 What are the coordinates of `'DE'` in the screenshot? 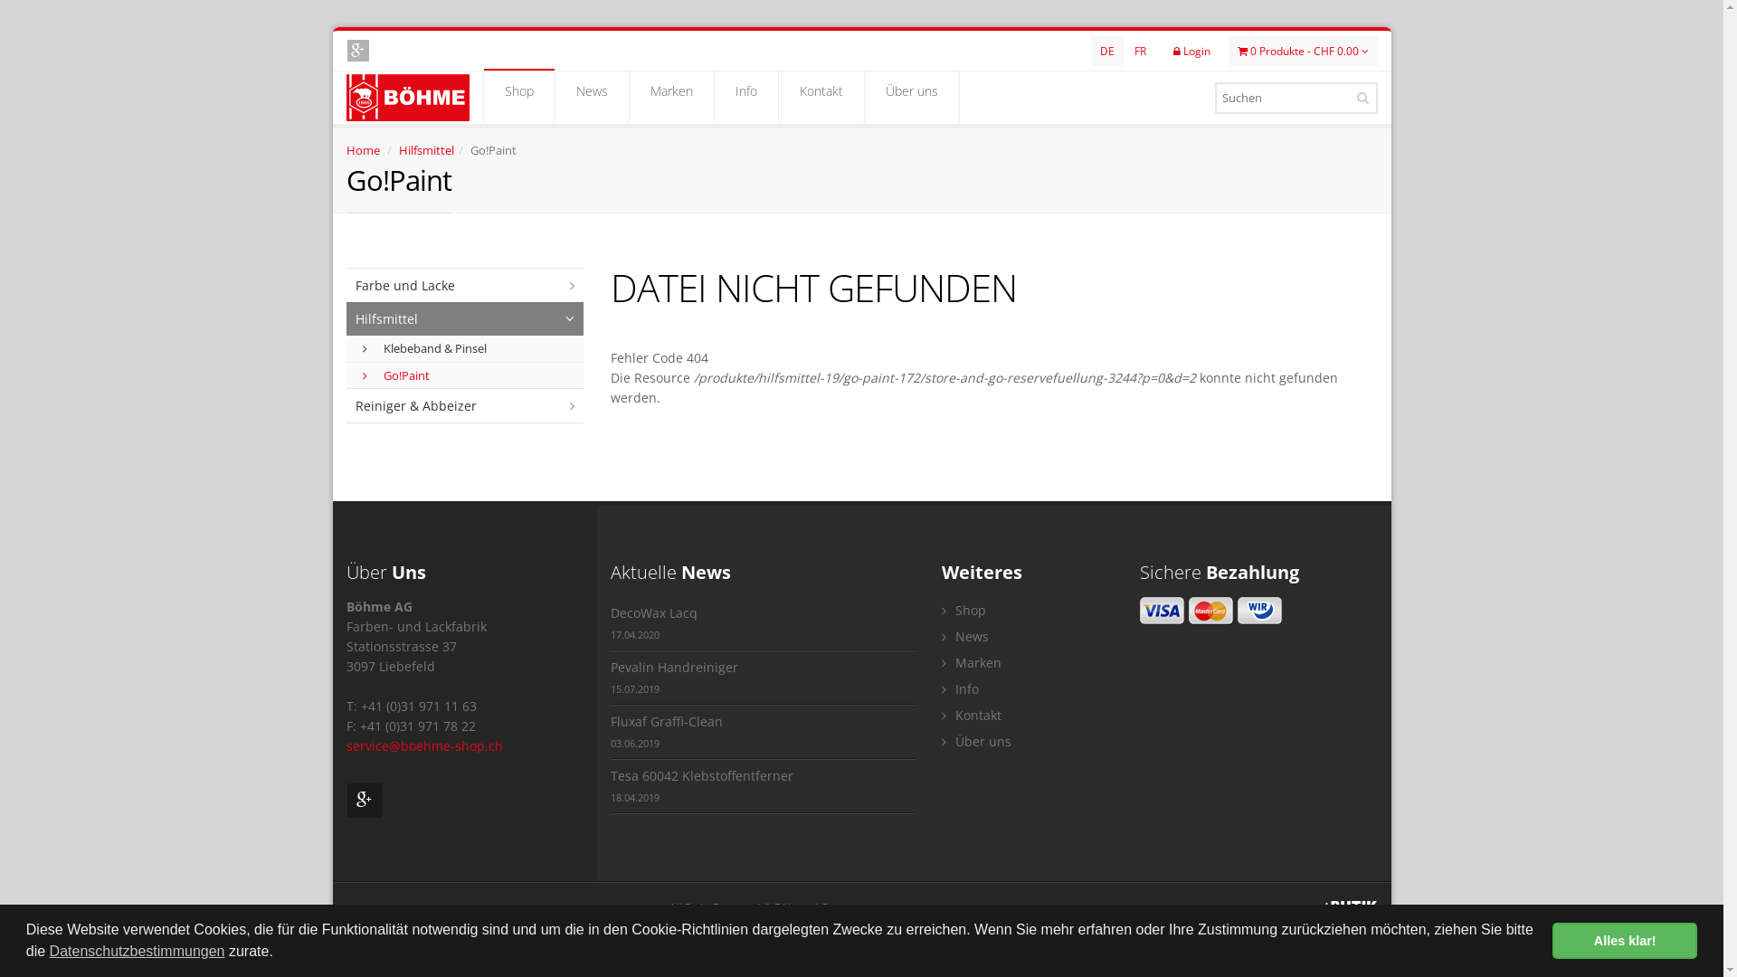 It's located at (1106, 50).